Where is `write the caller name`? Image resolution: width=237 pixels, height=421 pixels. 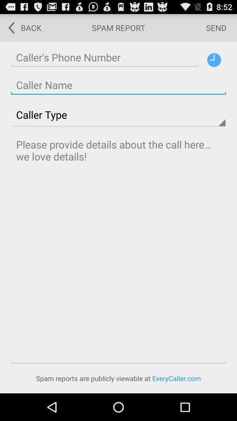 write the caller name is located at coordinates (118, 85).